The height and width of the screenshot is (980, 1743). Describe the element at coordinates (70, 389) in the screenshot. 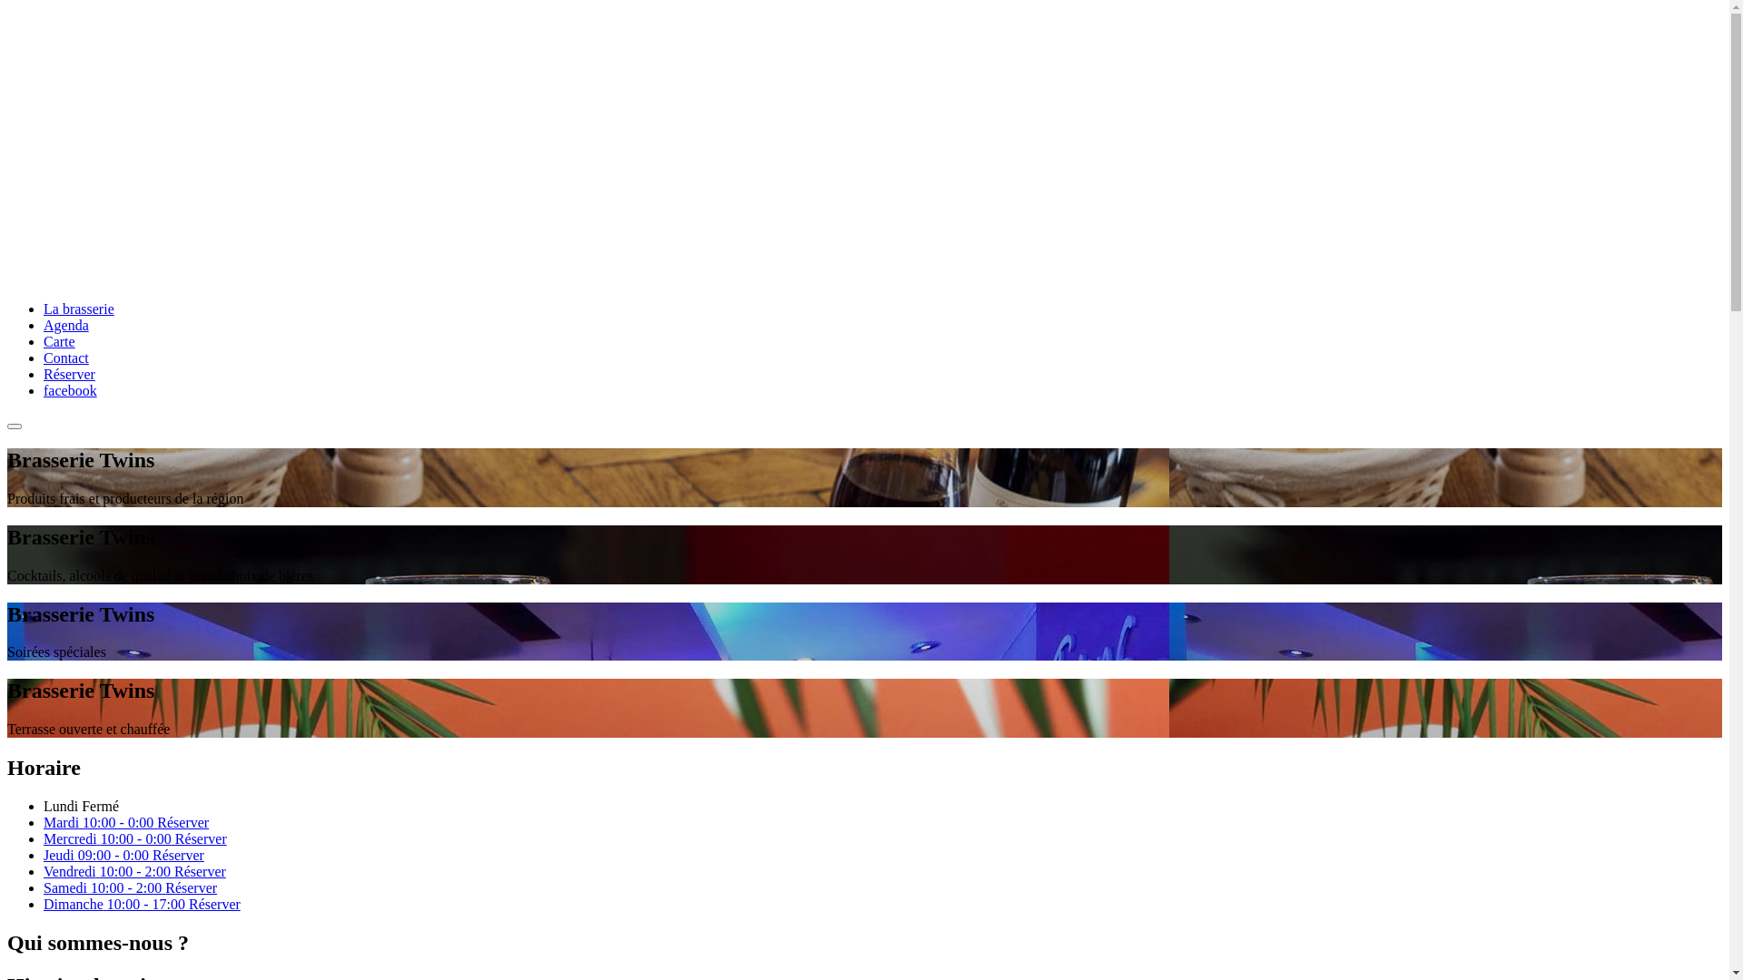

I see `'facebook'` at that location.